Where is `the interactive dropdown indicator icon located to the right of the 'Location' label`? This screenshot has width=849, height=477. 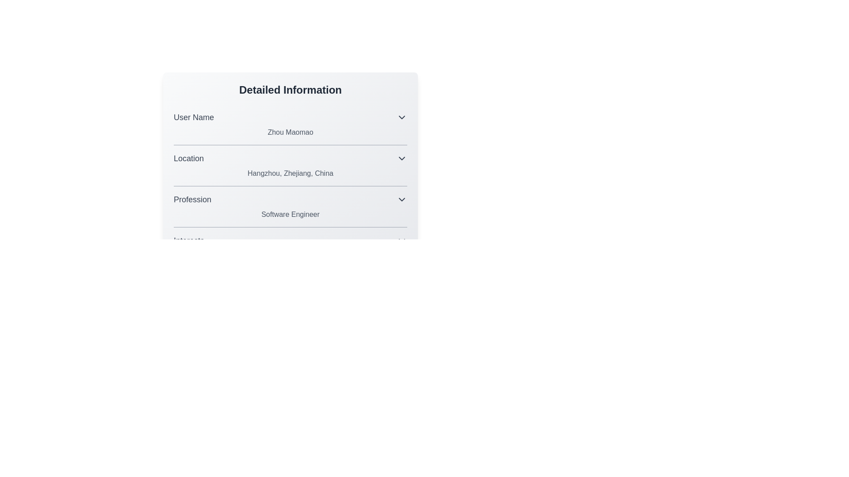
the interactive dropdown indicator icon located to the right of the 'Location' label is located at coordinates (401, 158).